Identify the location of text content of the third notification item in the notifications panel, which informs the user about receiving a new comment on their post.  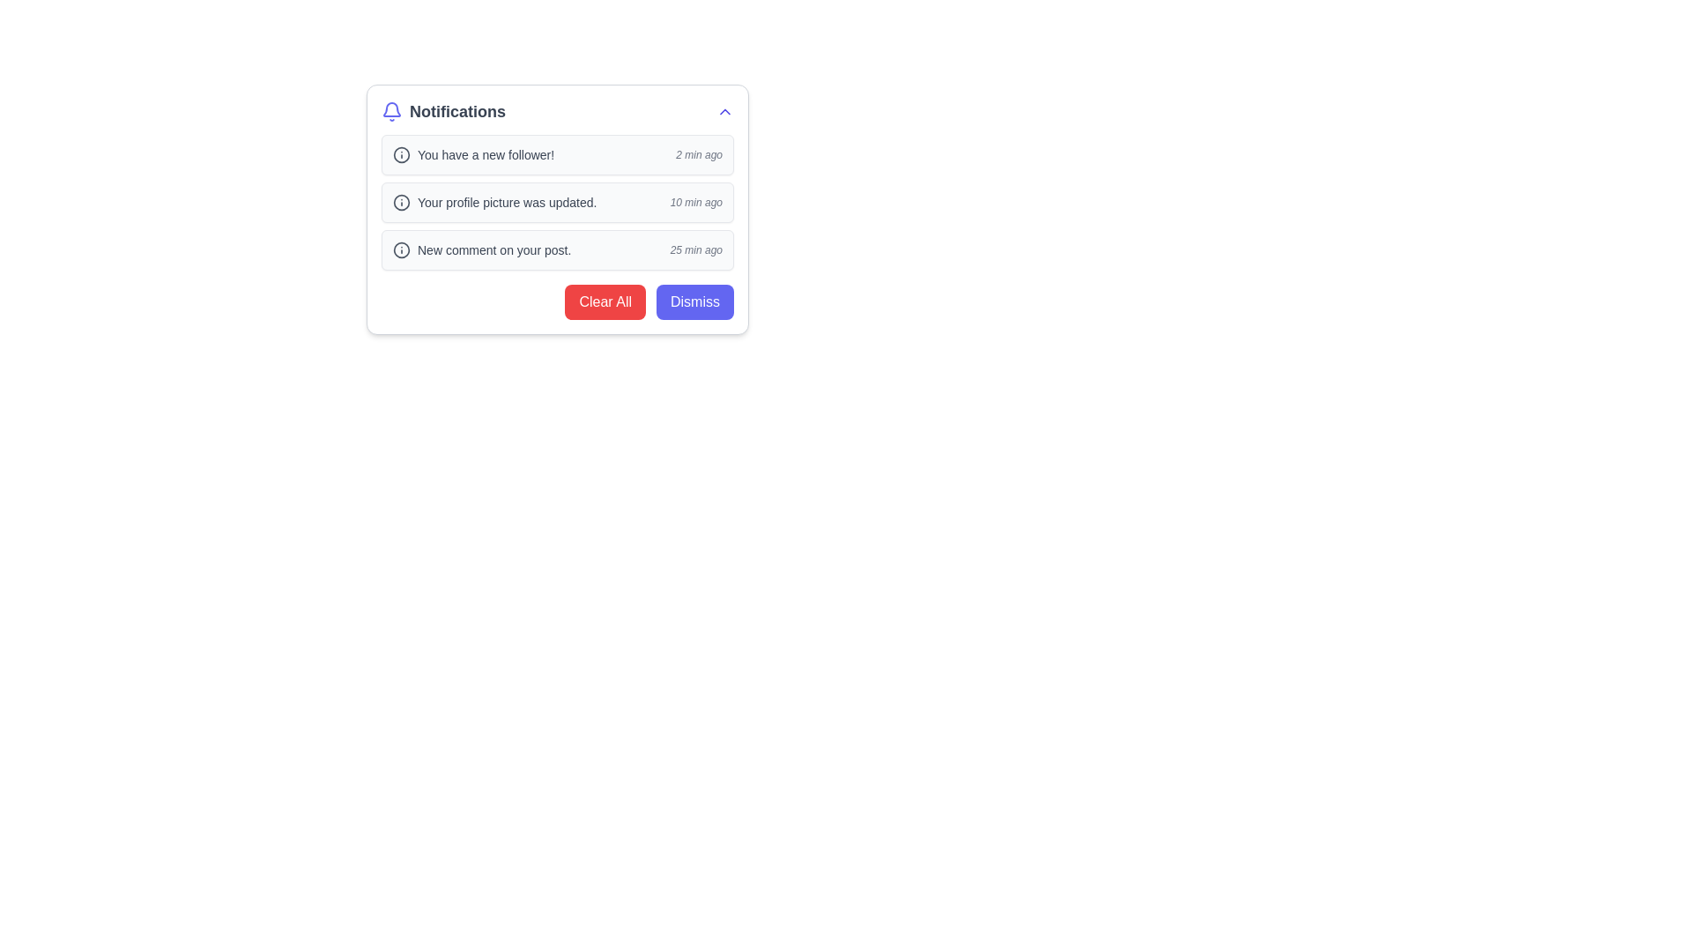
(482, 250).